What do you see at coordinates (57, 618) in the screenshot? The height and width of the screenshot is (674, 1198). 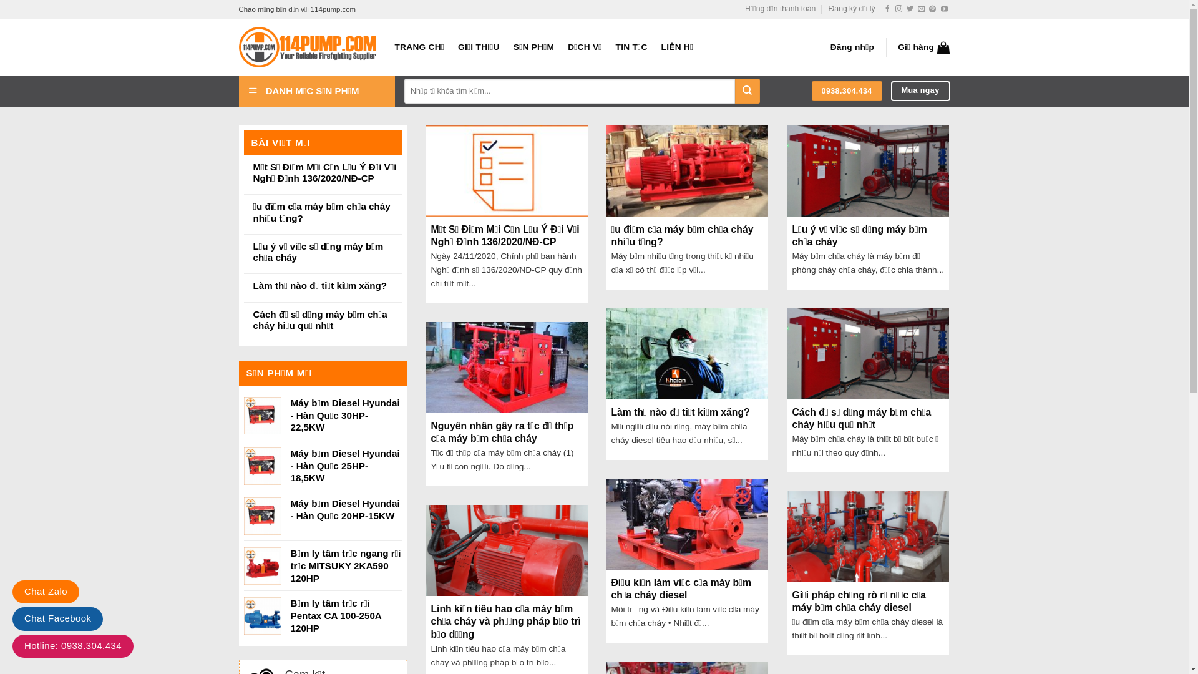 I see `'Chat Facebook'` at bounding box center [57, 618].